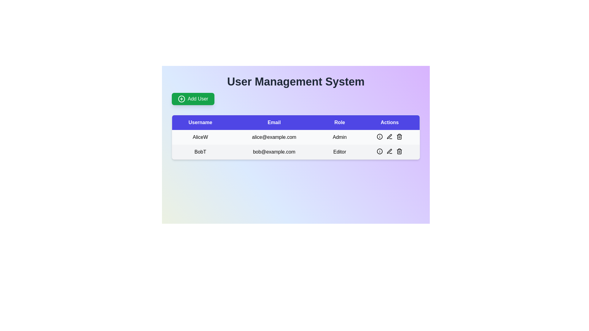  What do you see at coordinates (296, 152) in the screenshot?
I see `the second row of the table` at bounding box center [296, 152].